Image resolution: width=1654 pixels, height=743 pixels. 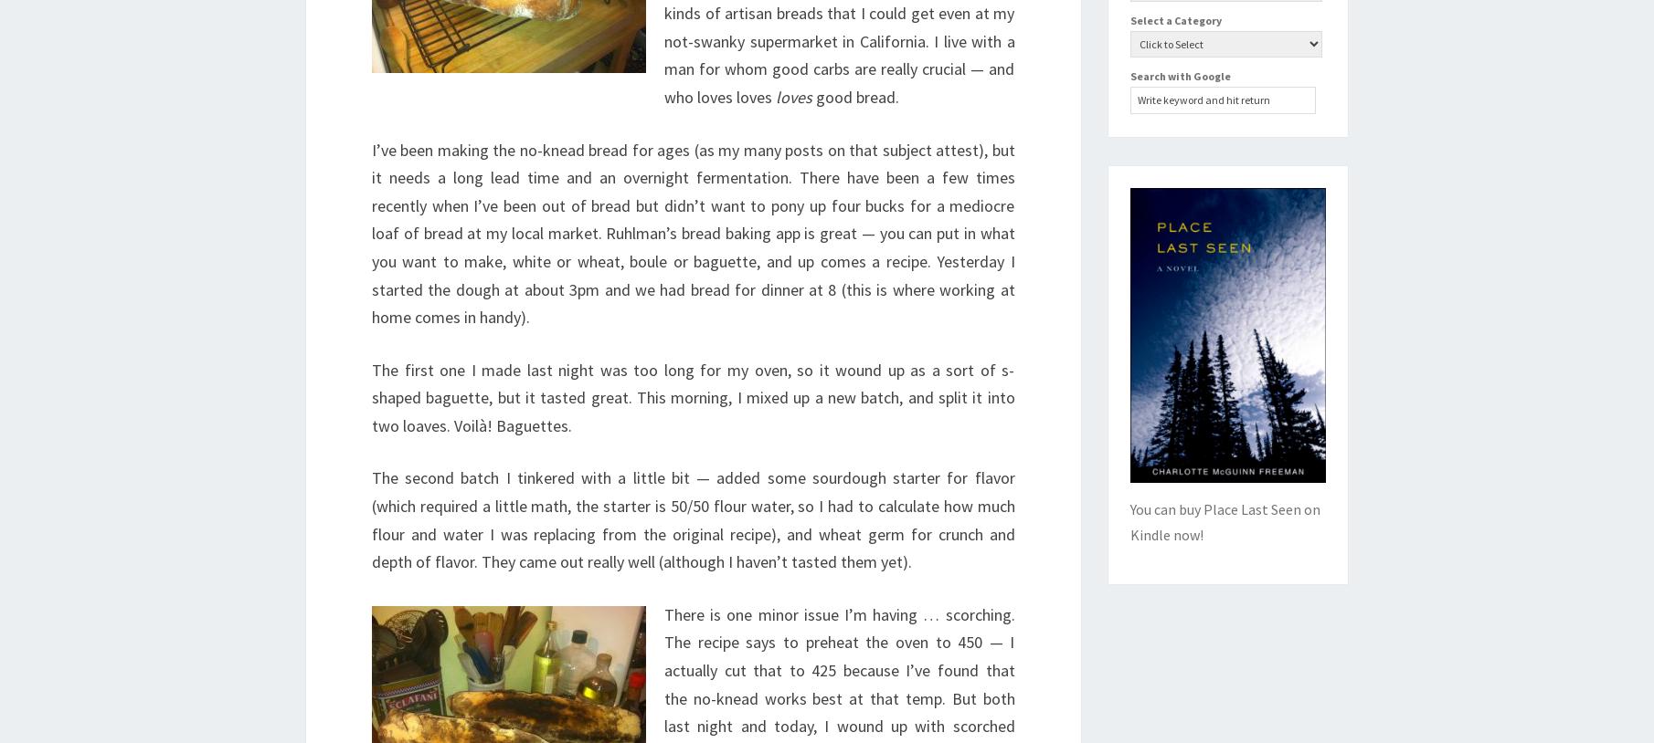 What do you see at coordinates (693, 396) in the screenshot?
I see `'The first one I made last night was too long for my oven, so it wound up as a sort of s-shaped baguette, but it tasted great. This morning, I mixed up a new batch, and split it into two loaves. Voilà! Baguettes.'` at bounding box center [693, 396].